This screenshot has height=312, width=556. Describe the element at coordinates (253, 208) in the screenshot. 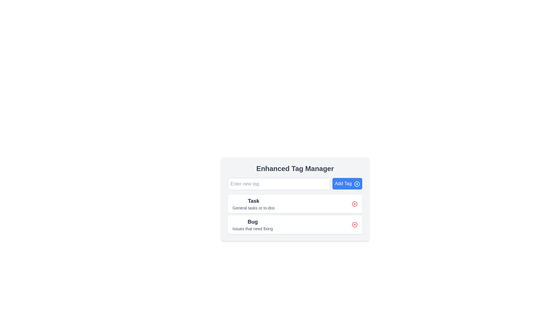

I see `the descriptive text element located directly under the 'Task' heading, which provides context about the task entry` at that location.